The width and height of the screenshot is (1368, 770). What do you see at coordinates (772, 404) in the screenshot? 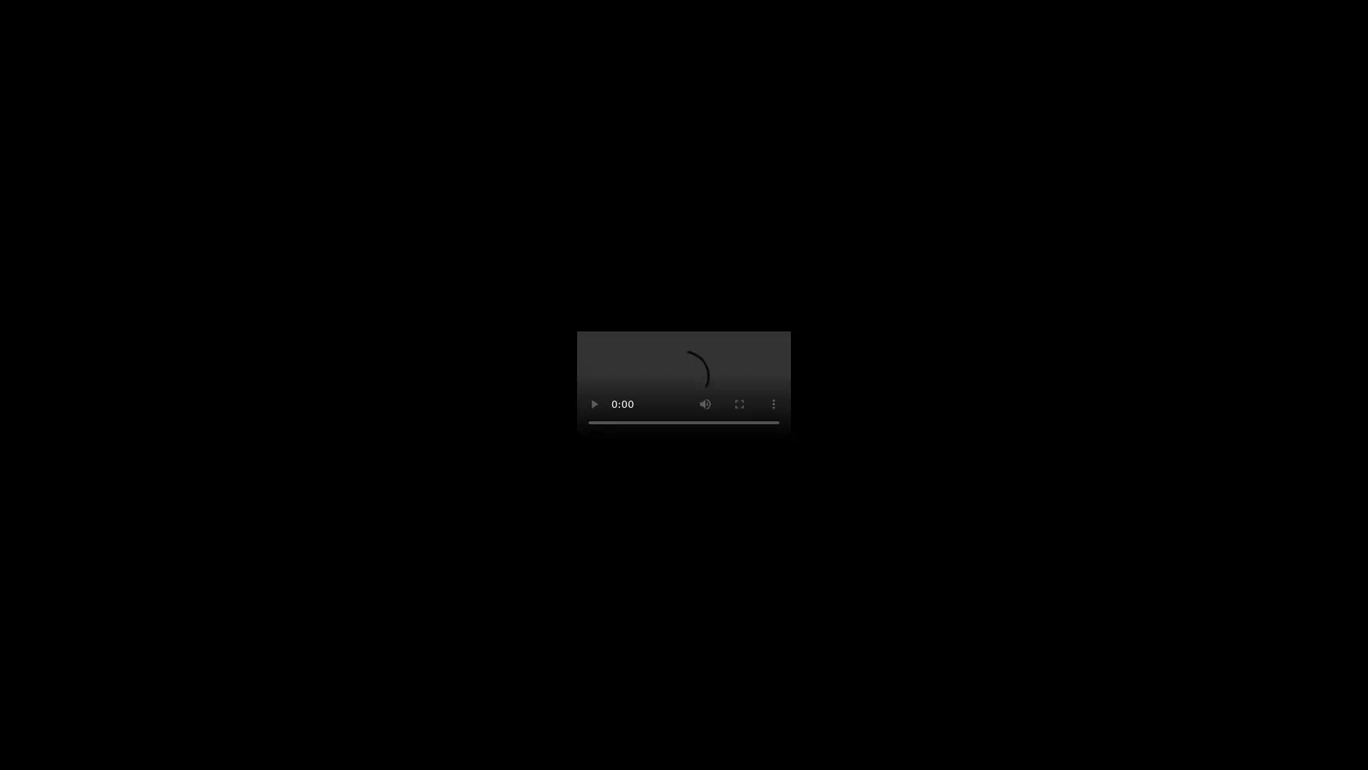
I see `show more media controls` at bounding box center [772, 404].